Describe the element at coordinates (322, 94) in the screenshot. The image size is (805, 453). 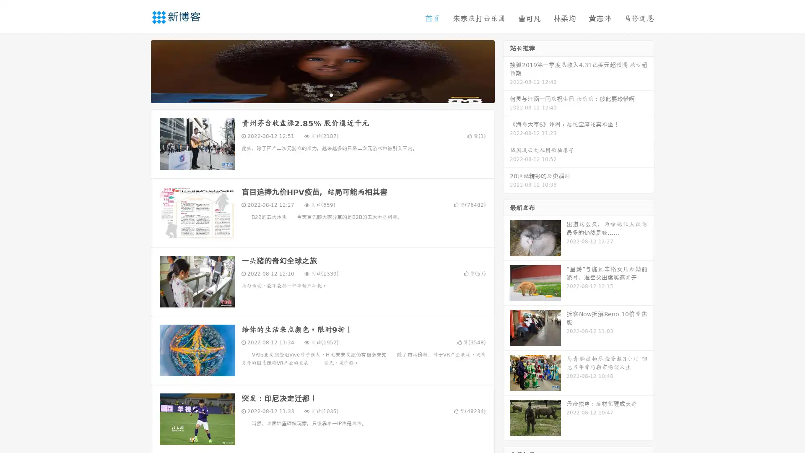
I see `Go to slide 2` at that location.